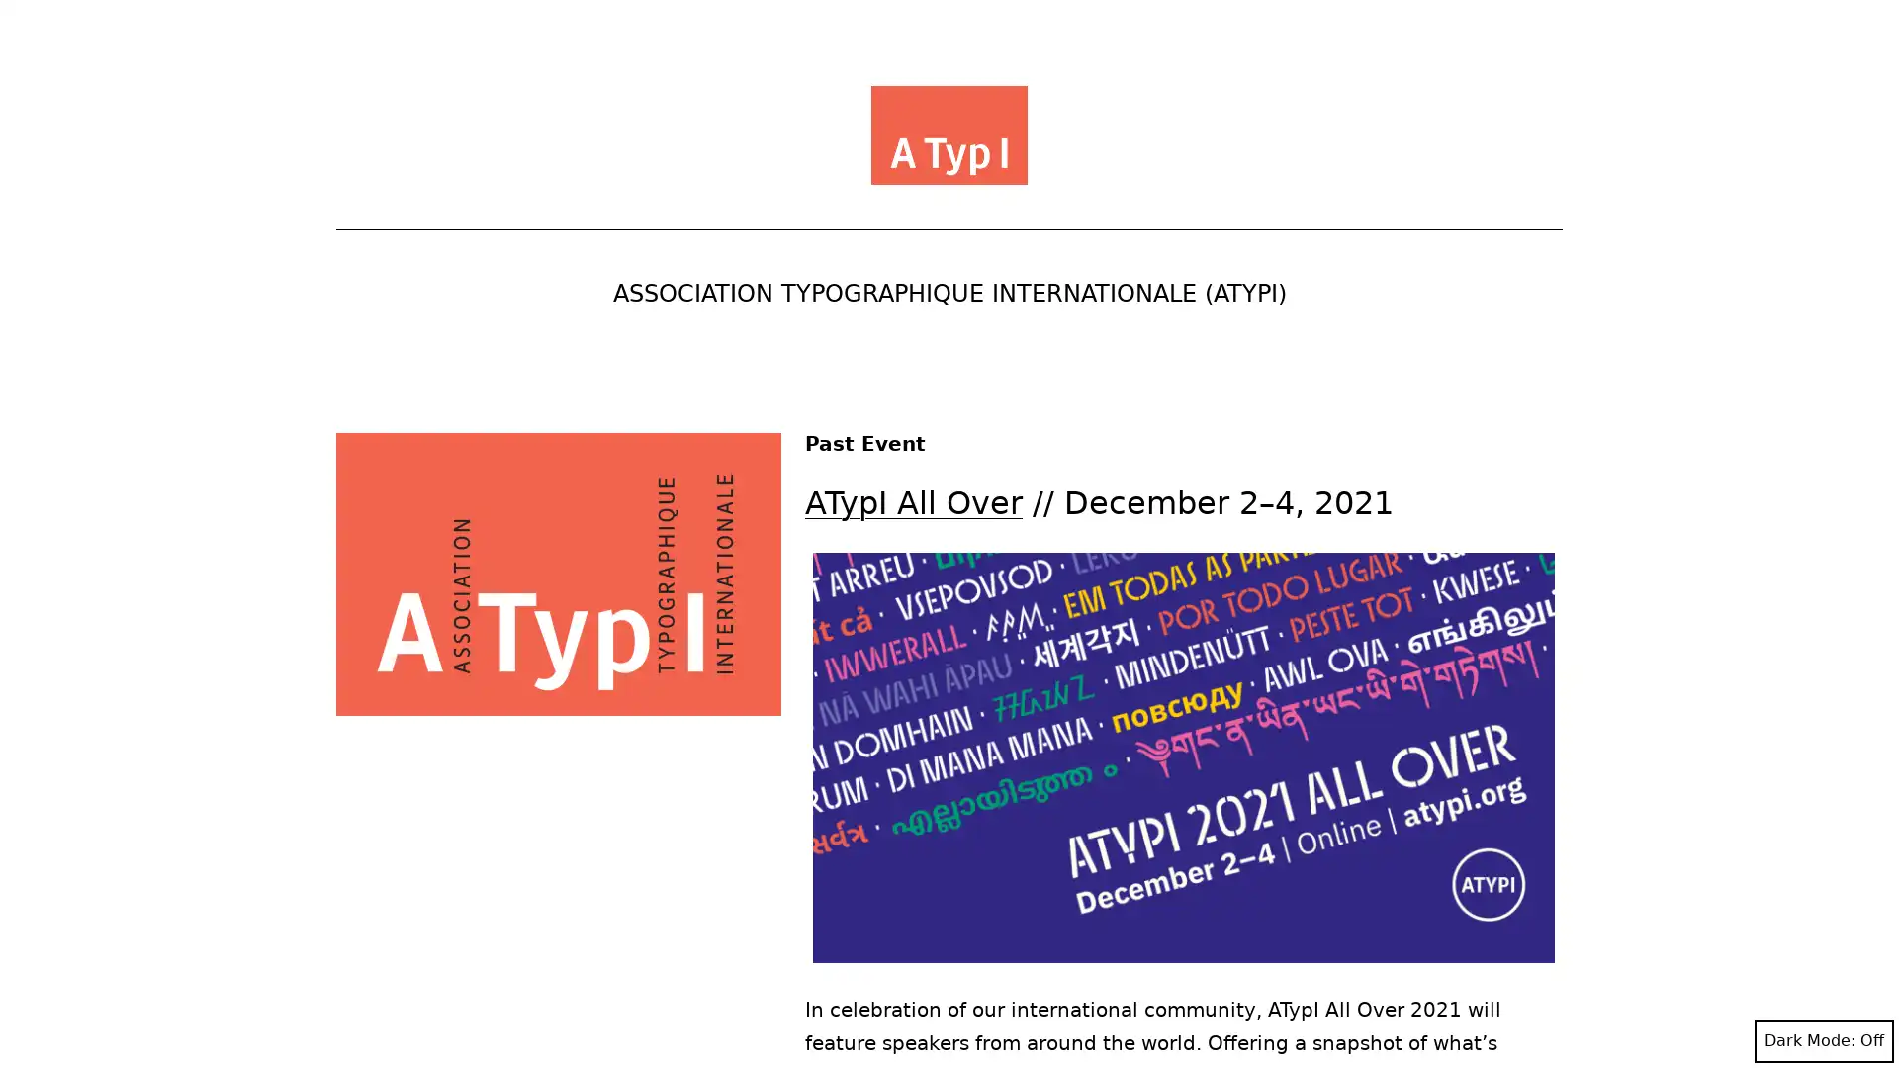 The width and height of the screenshot is (1899, 1068). Describe the element at coordinates (1823, 1040) in the screenshot. I see `Dark Mode:` at that location.